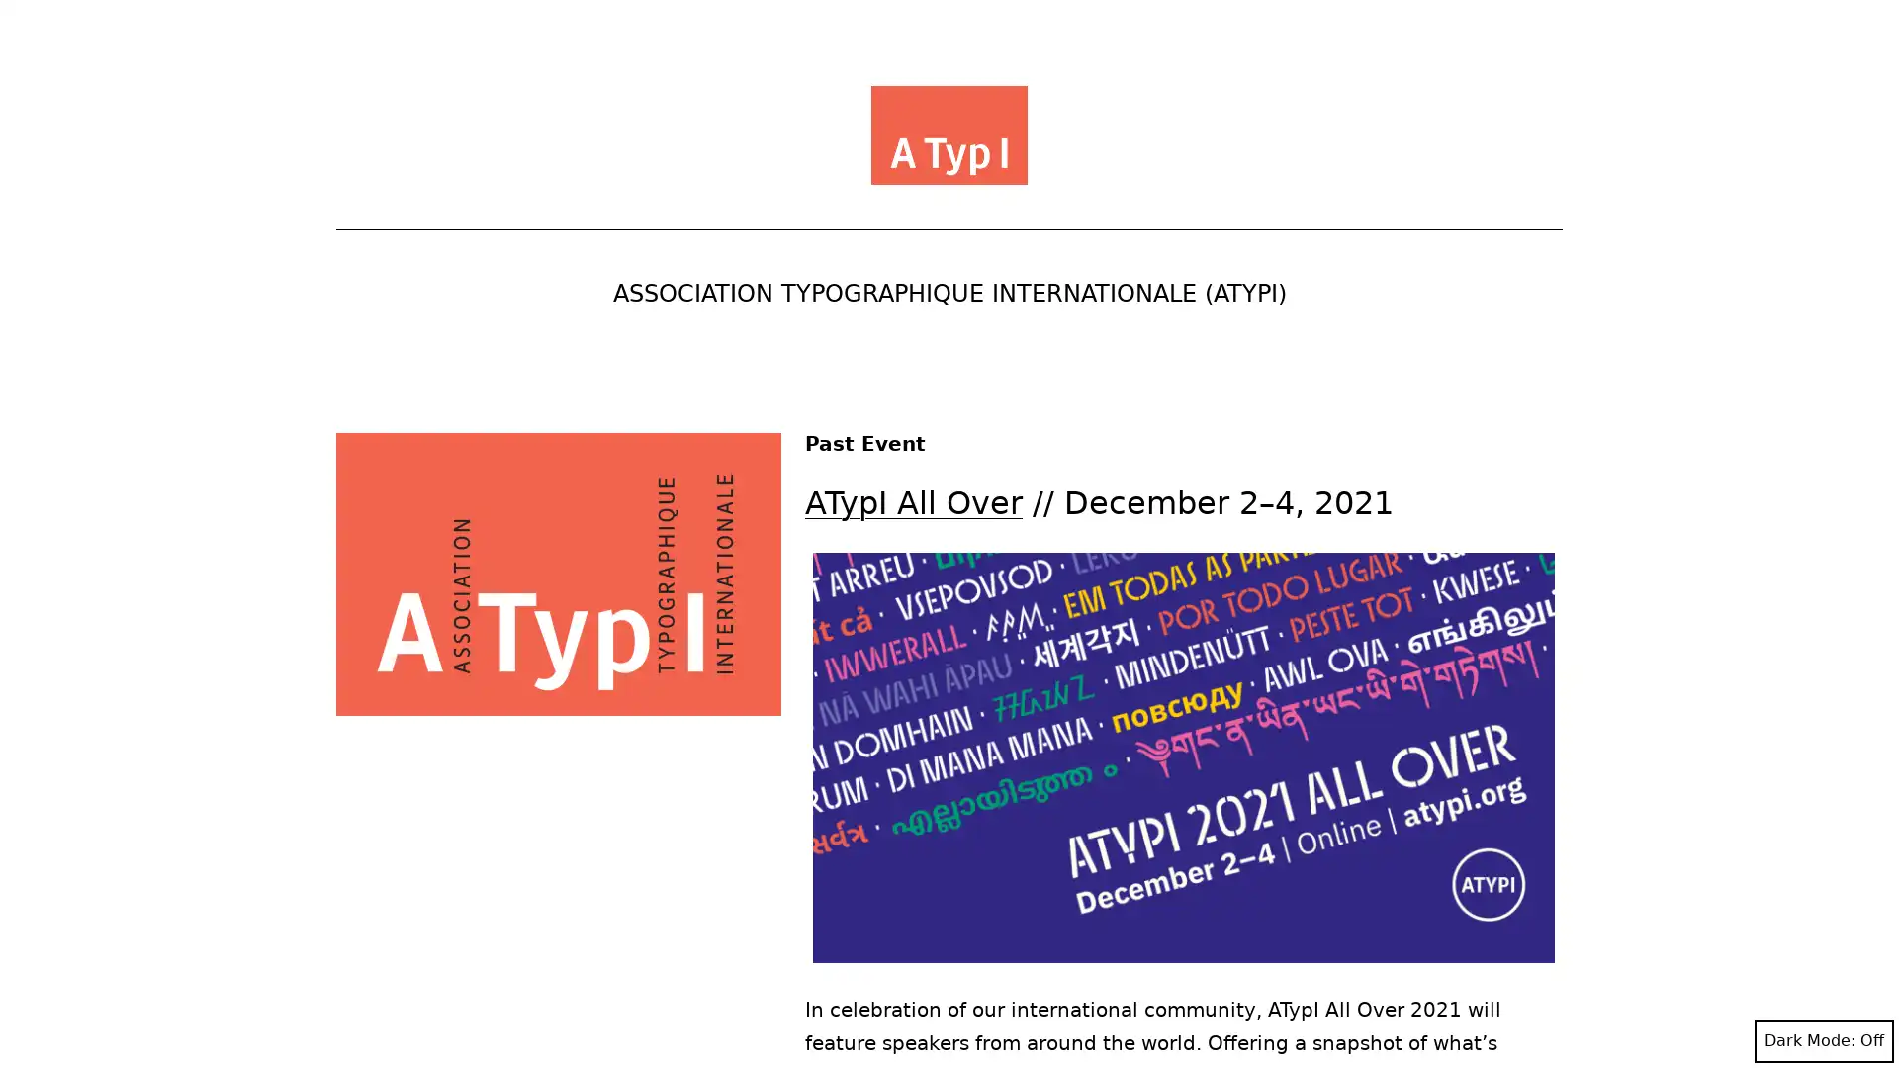 The width and height of the screenshot is (1899, 1068). Describe the element at coordinates (1823, 1040) in the screenshot. I see `Dark Mode:` at that location.